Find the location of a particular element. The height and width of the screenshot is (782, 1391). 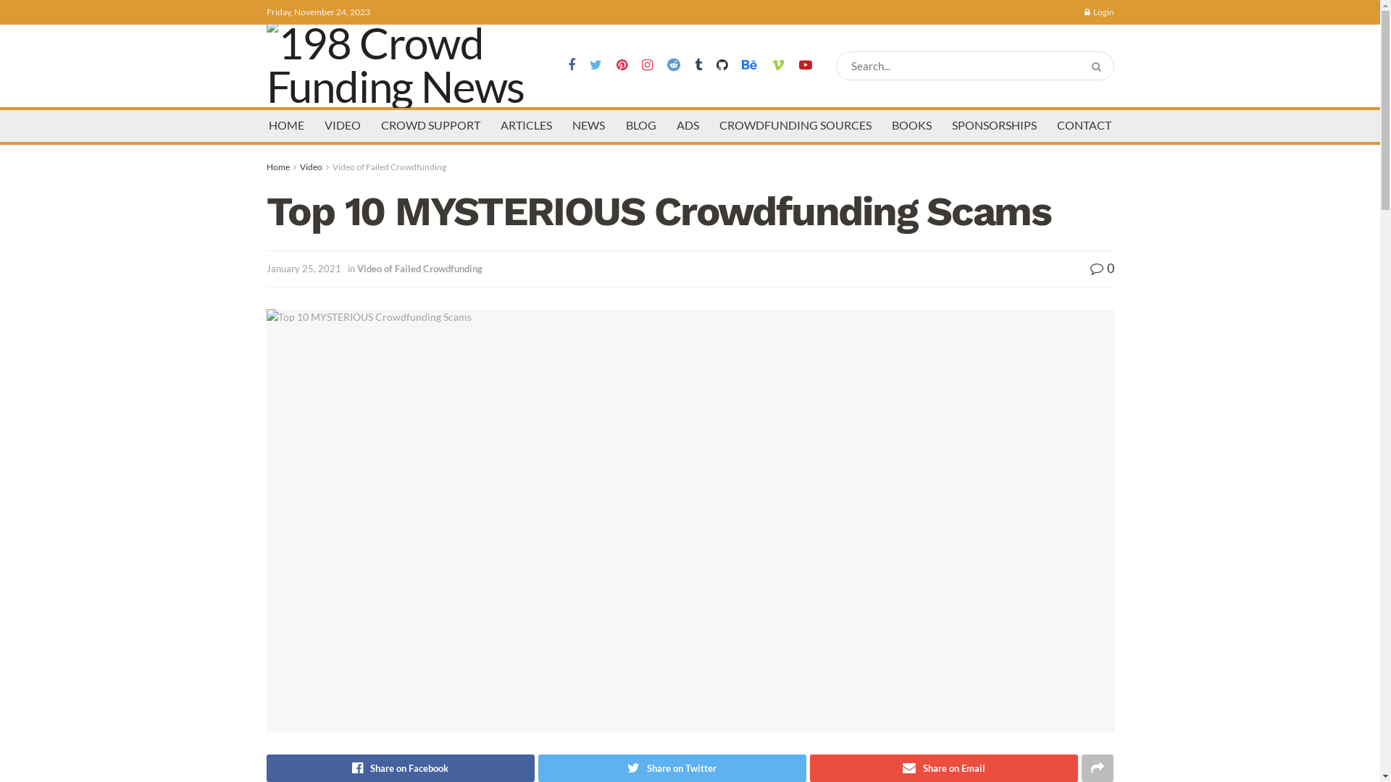

'BOOKS' is located at coordinates (911, 124).